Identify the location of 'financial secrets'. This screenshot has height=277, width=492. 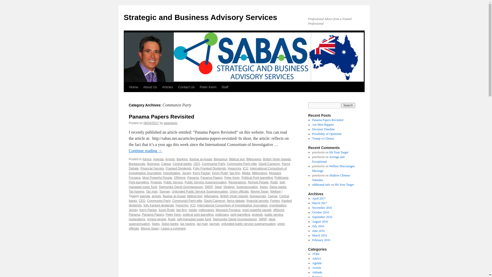
(257, 201).